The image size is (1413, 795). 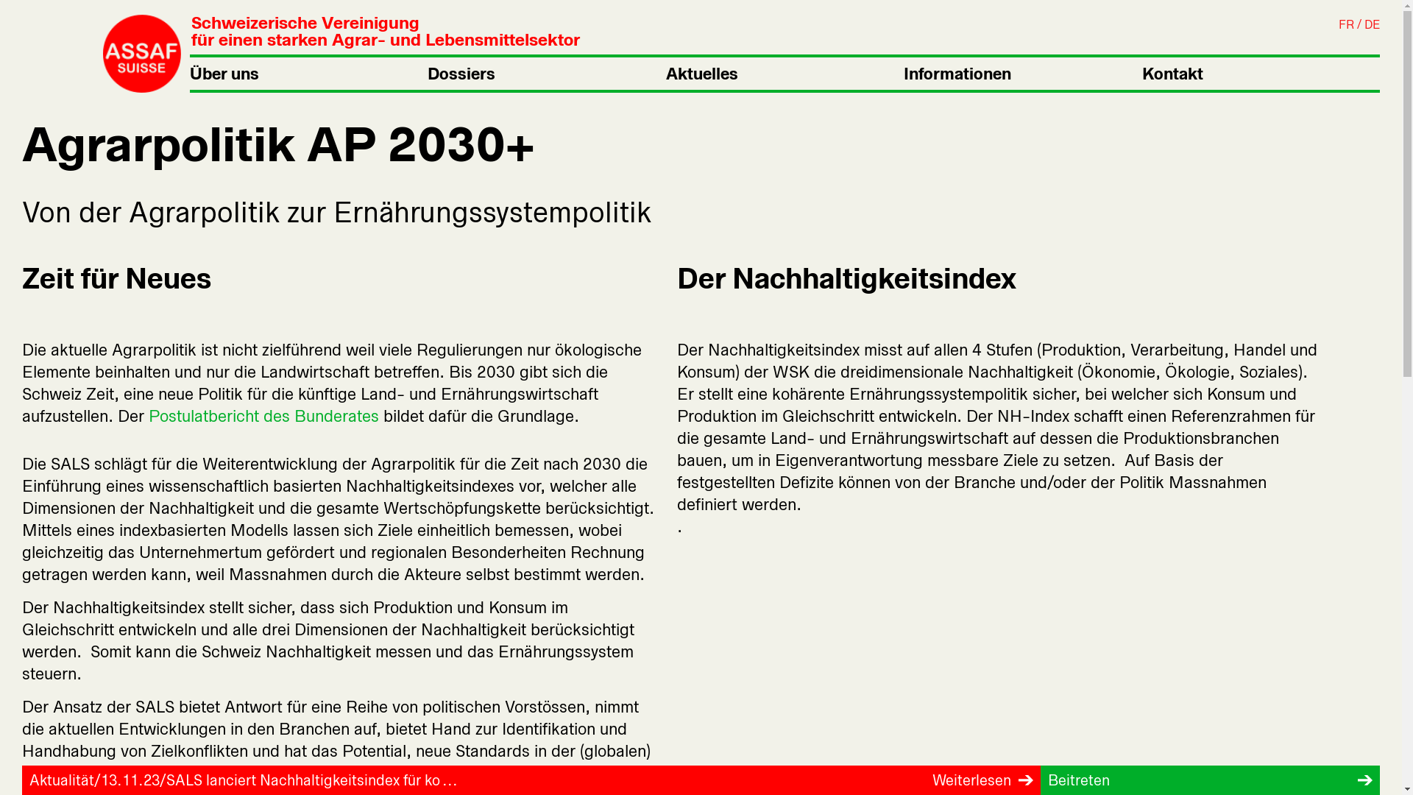 What do you see at coordinates (263, 415) in the screenshot?
I see `'Postulatbericht des Bunderates'` at bounding box center [263, 415].